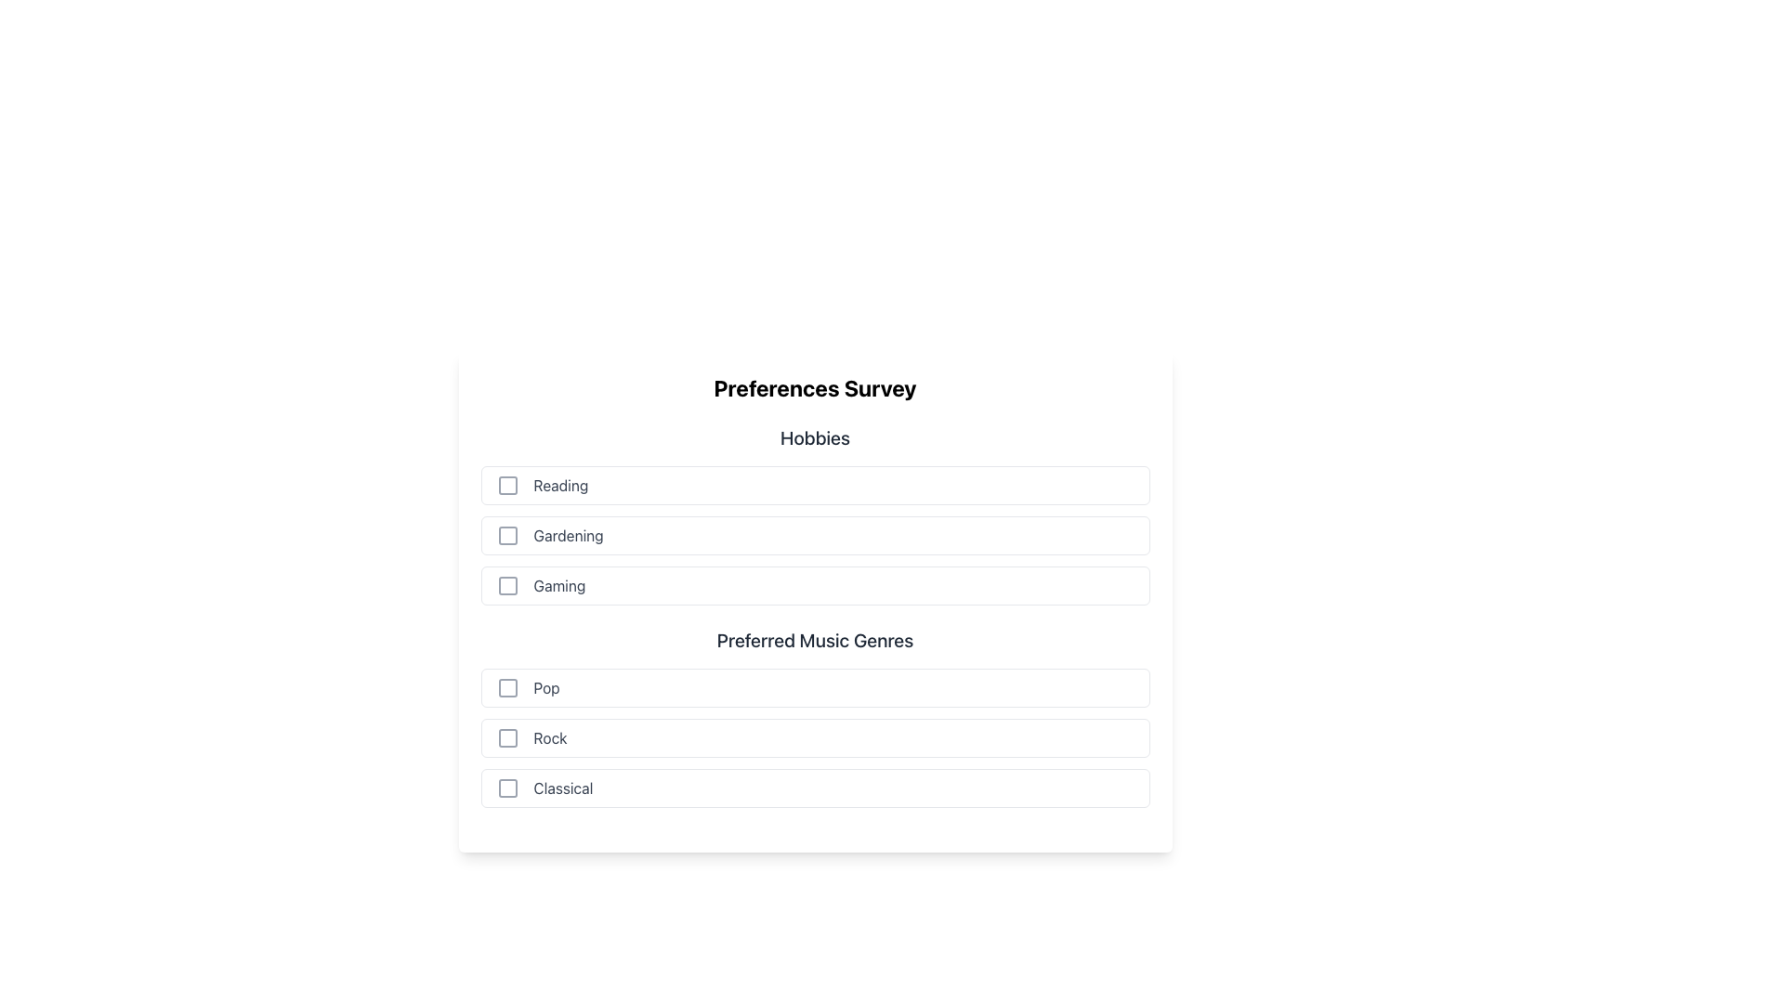 This screenshot has width=1784, height=1003. Describe the element at coordinates (507, 687) in the screenshot. I see `the SVG Rectangle that serves as a selection indicator for the 'Pop' option in the 'Preferred Music Genres' section of the survey form` at that location.